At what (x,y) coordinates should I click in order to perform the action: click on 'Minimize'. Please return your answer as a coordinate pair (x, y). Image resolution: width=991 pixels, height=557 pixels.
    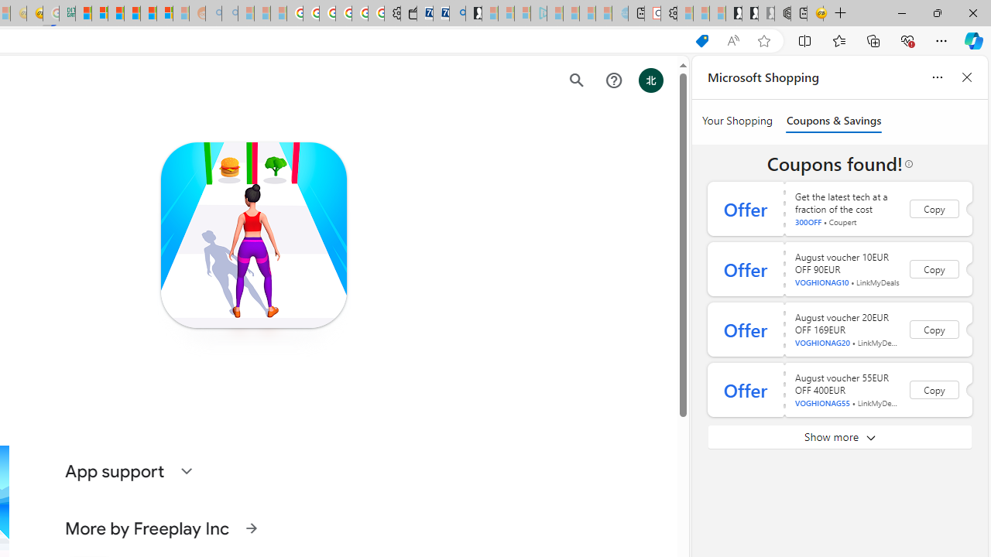
    Looking at the image, I should click on (901, 12).